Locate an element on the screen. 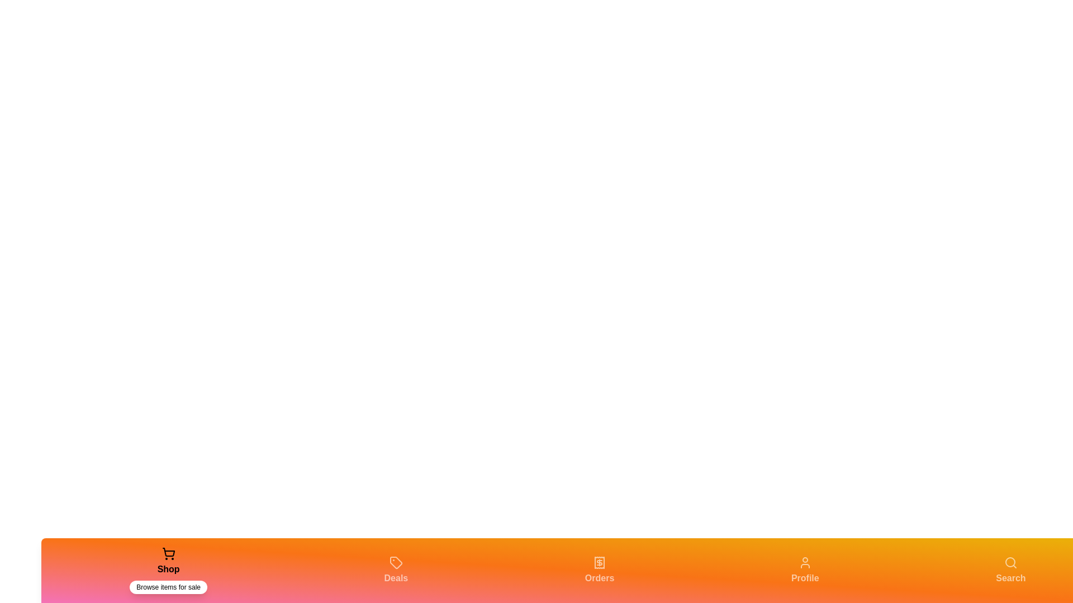 The image size is (1073, 603). the Deals tab in the navigation bar is located at coordinates (396, 571).